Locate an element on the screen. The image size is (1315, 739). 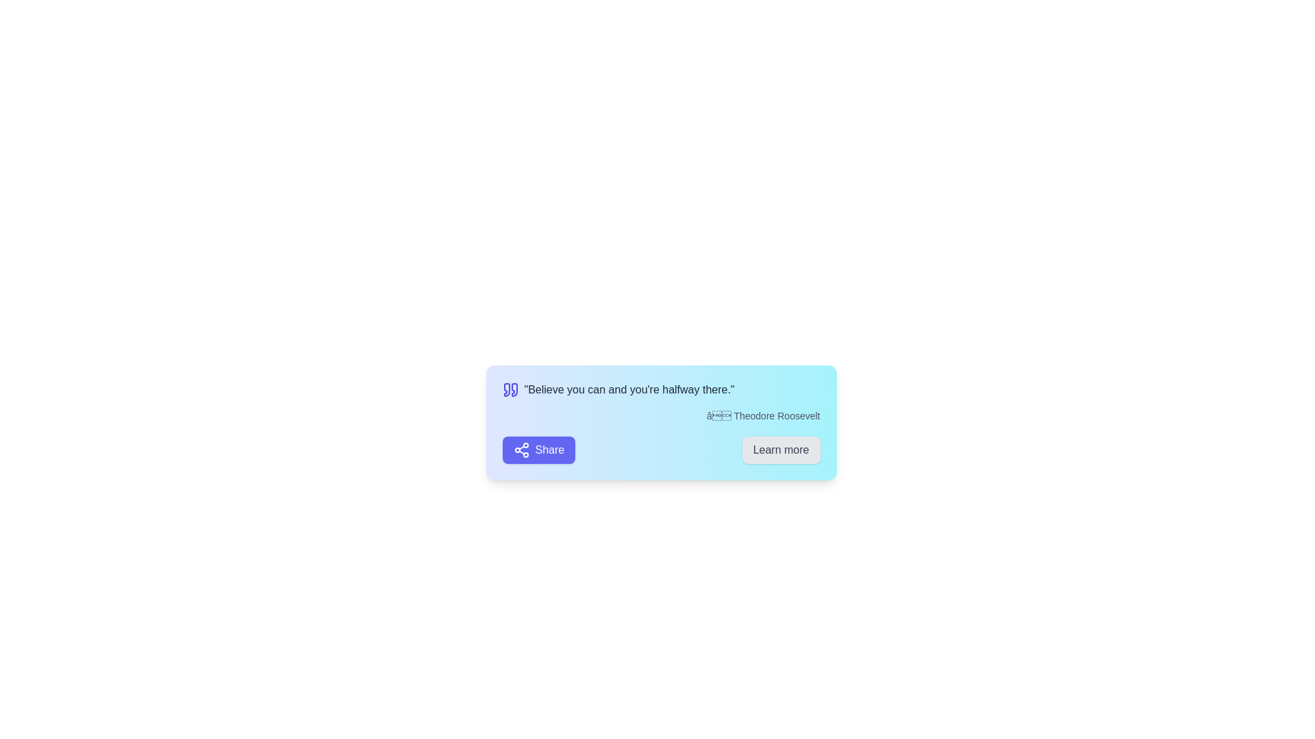
the 'Share' button with a purple background and white text is located at coordinates (538, 450).